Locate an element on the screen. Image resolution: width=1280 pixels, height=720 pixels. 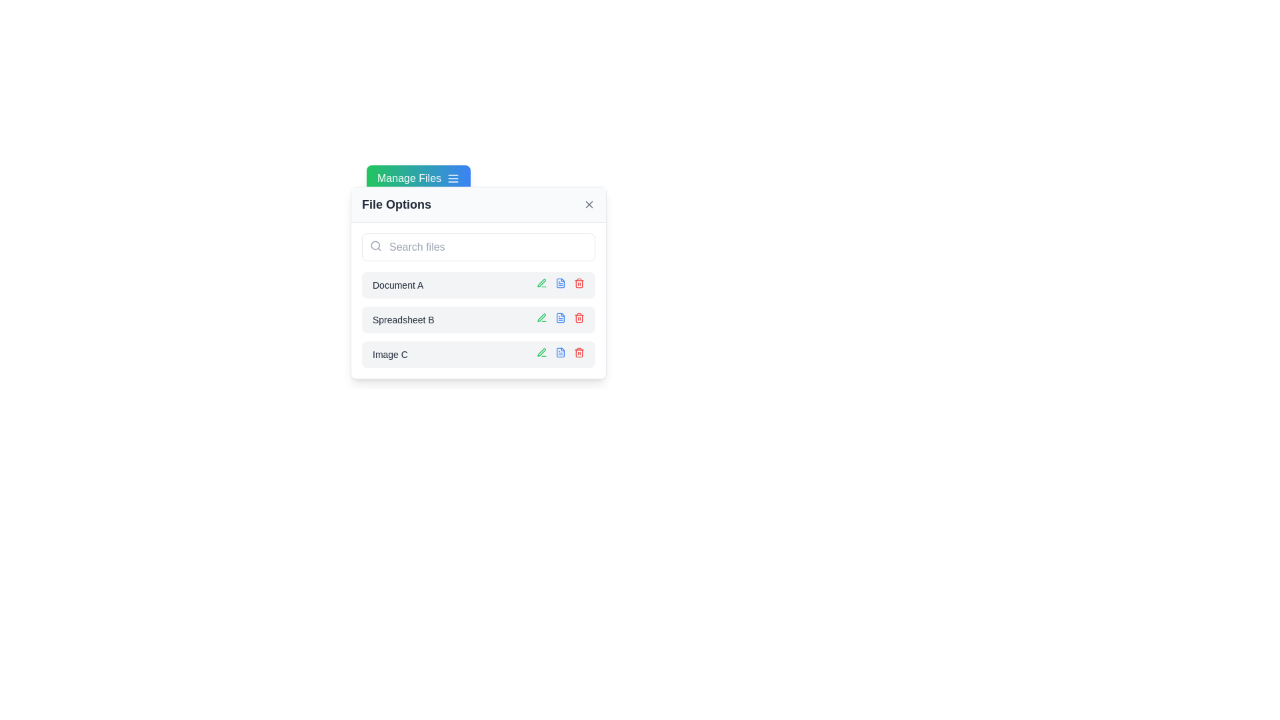
the small green pen icon button, which is the first in a row of interactive icons aligned horizontally, indicating an edit function is located at coordinates (541, 318).